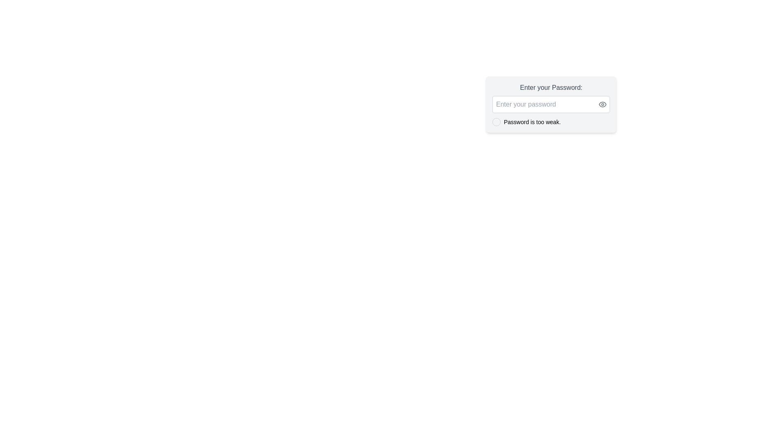 The height and width of the screenshot is (441, 784). What do you see at coordinates (603, 104) in the screenshot?
I see `the eye icon button located to the right of the password entry field` at bounding box center [603, 104].